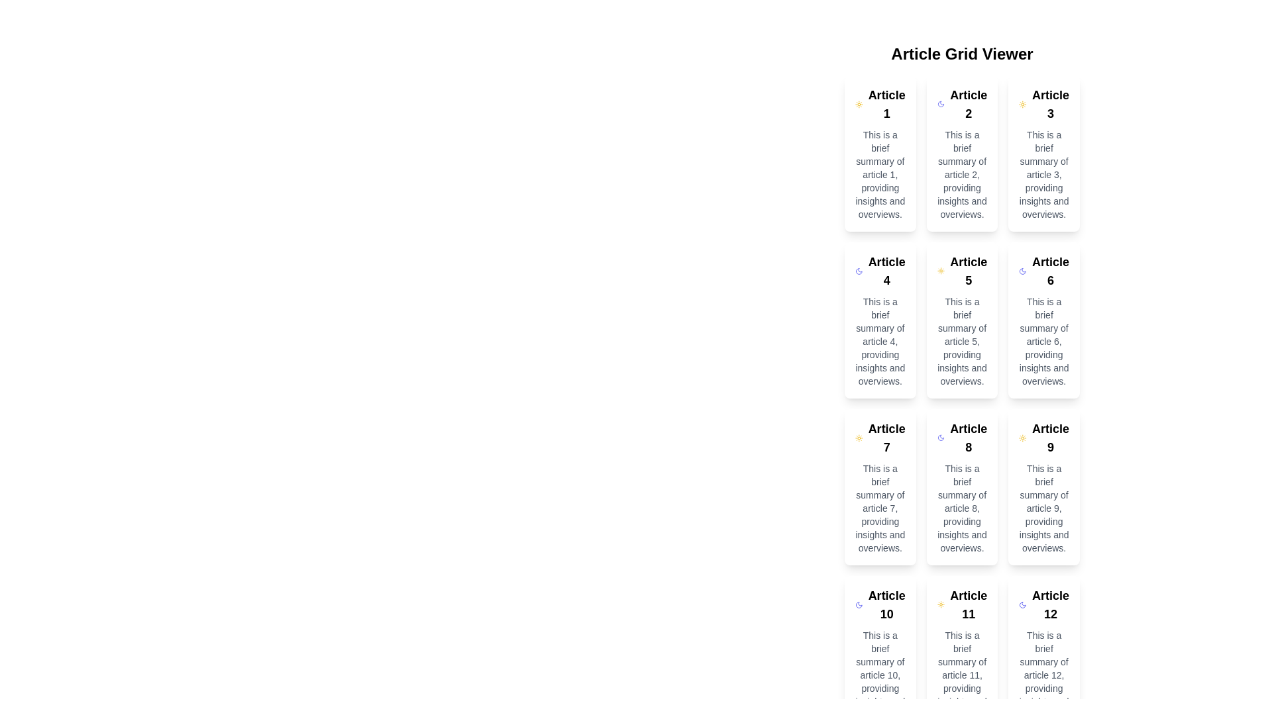  Describe the element at coordinates (962, 320) in the screenshot. I see `the information card displaying the title 'Article 5', which is the fifth card in the grid layout, located in the second row and the middle card of that row` at that location.